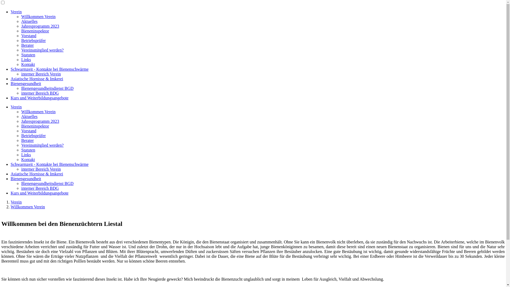 The image size is (510, 287). I want to click on 'Bieneninspektor', so click(35, 31).